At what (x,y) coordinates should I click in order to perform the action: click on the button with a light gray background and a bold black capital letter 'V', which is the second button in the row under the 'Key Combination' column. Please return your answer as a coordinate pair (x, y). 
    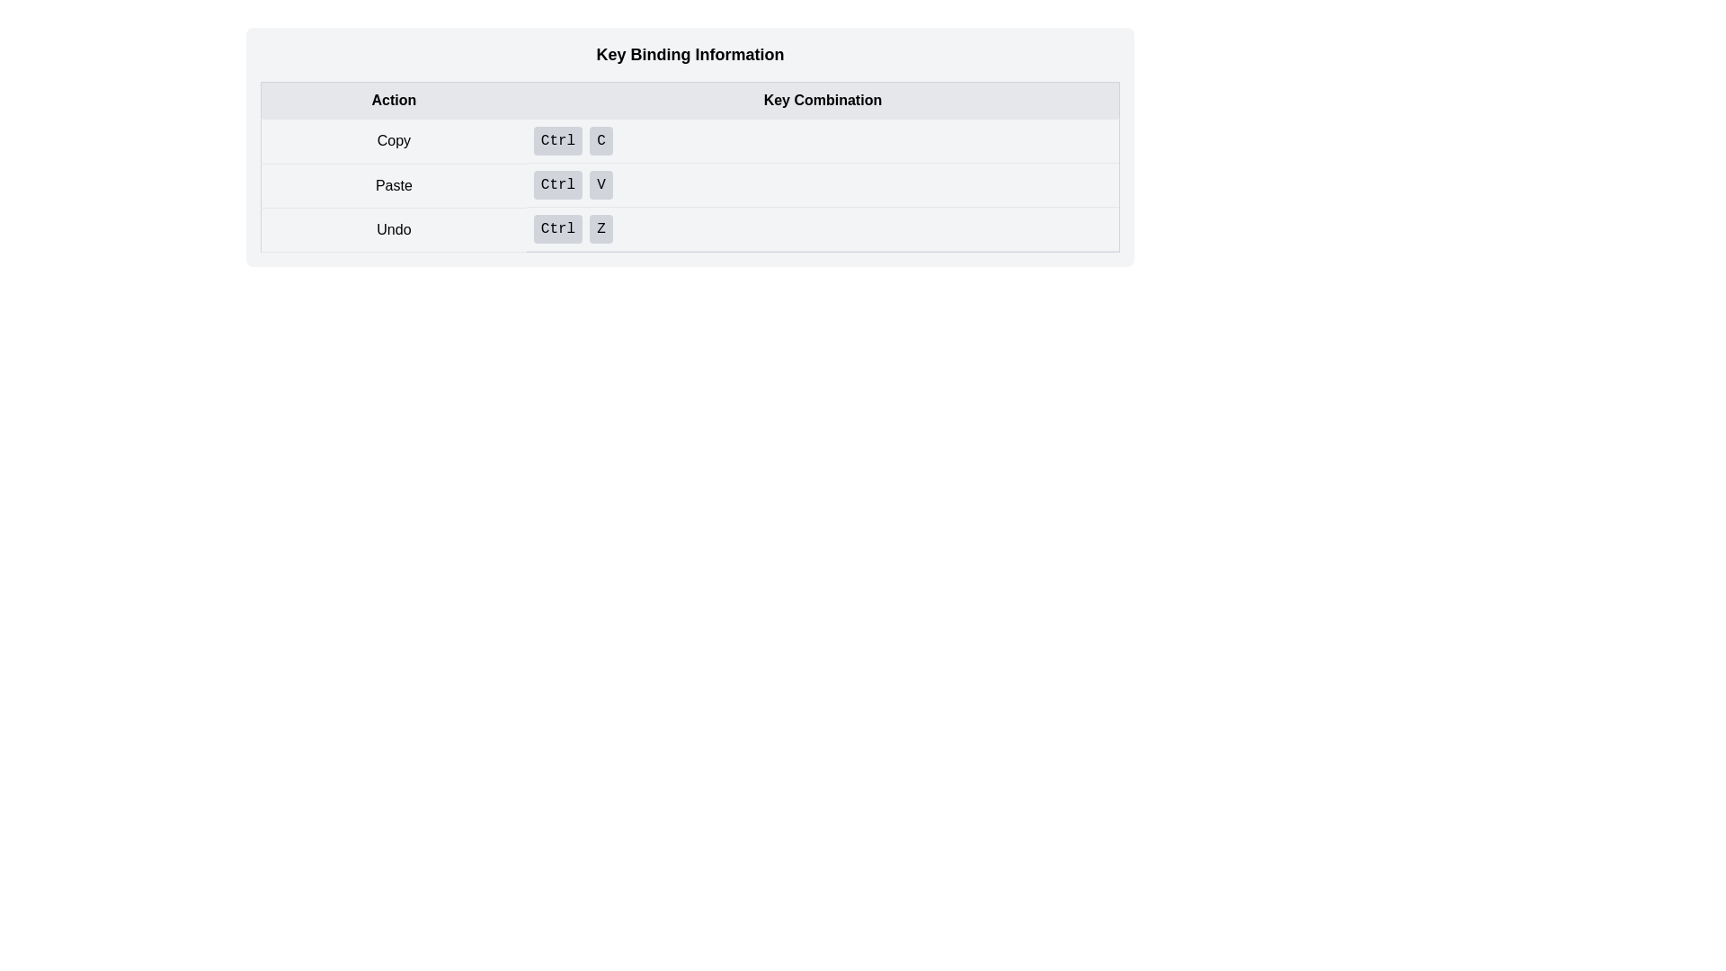
    Looking at the image, I should click on (601, 184).